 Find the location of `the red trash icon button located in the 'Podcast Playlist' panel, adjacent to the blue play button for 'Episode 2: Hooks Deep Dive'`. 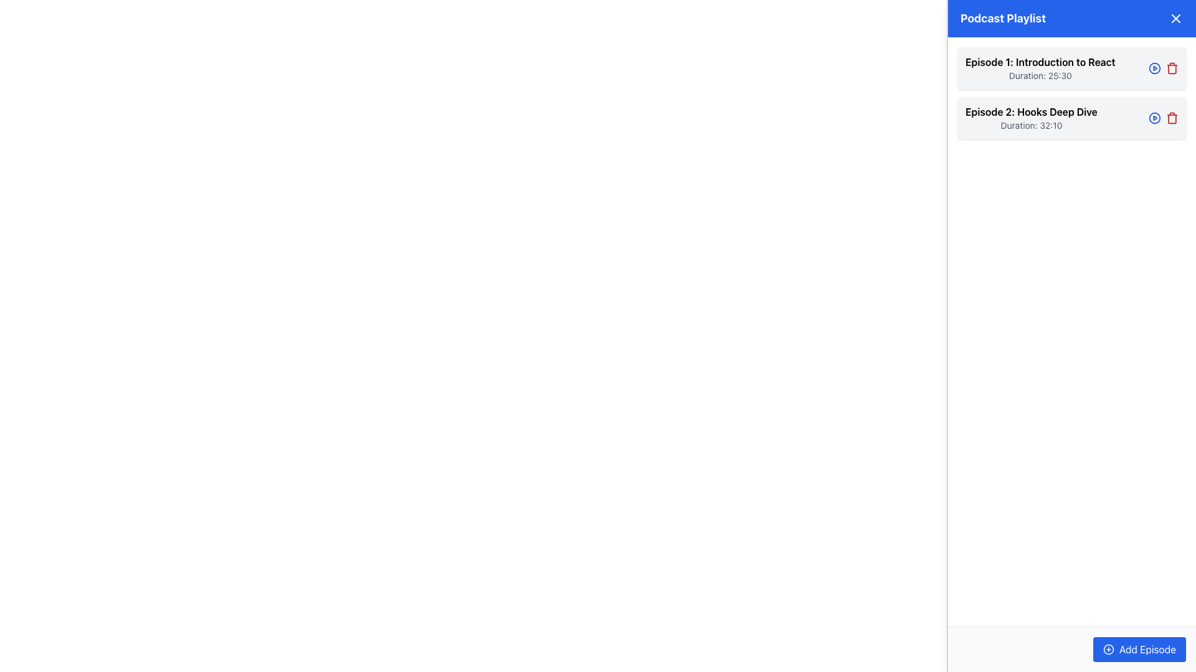

the red trash icon button located in the 'Podcast Playlist' panel, adjacent to the blue play button for 'Episode 2: Hooks Deep Dive' is located at coordinates (1171, 118).